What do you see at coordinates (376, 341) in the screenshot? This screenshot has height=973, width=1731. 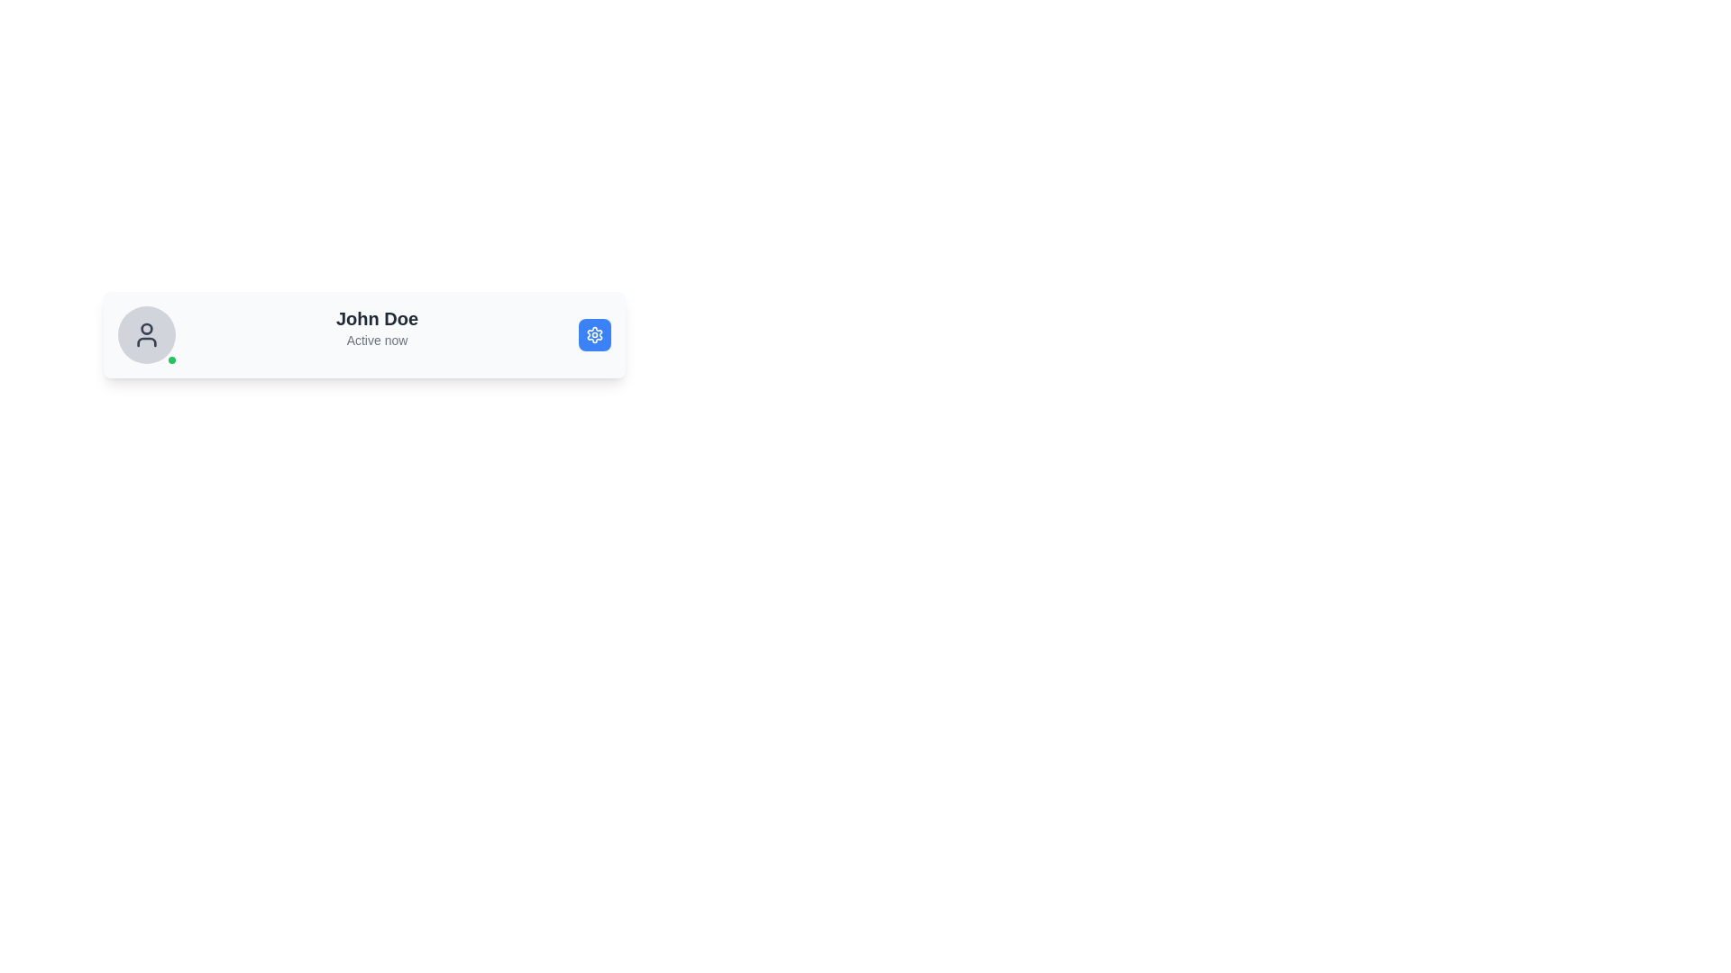 I see `the status indicator text label located beneath 'John Doe' to check the user's current activity status` at bounding box center [376, 341].